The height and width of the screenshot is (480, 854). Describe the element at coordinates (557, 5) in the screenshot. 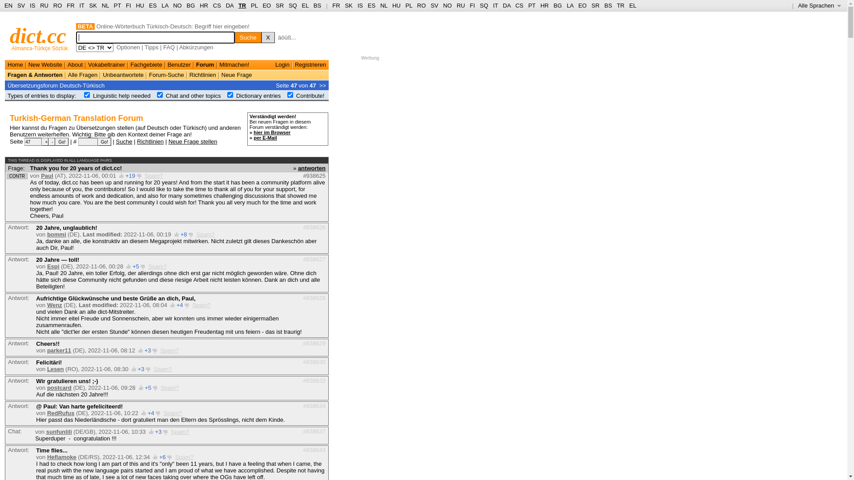

I see `'BG'` at that location.